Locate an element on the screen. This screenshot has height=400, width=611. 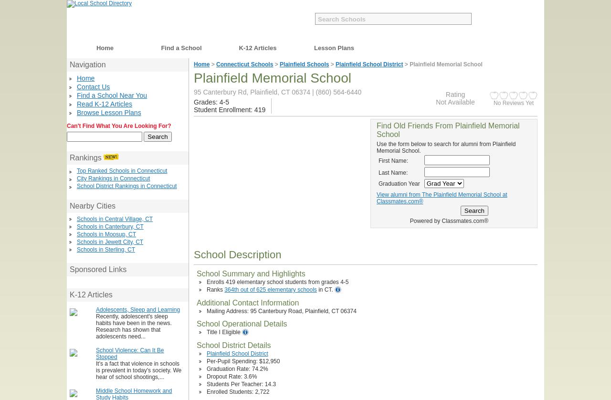
'Can't Find What You Are Looking For?' is located at coordinates (118, 125).